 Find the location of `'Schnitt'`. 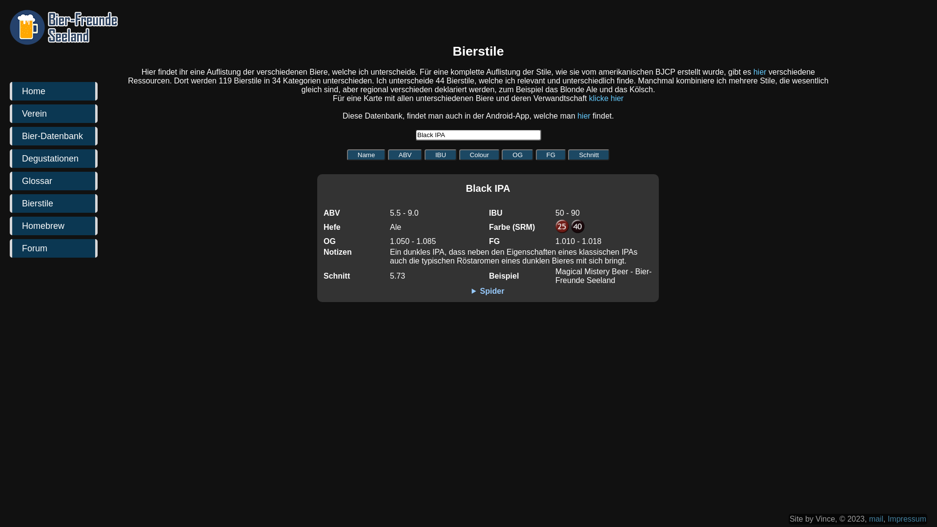

'Schnitt' is located at coordinates (588, 154).